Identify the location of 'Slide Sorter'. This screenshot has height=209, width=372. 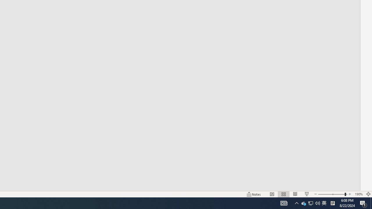
(284, 194).